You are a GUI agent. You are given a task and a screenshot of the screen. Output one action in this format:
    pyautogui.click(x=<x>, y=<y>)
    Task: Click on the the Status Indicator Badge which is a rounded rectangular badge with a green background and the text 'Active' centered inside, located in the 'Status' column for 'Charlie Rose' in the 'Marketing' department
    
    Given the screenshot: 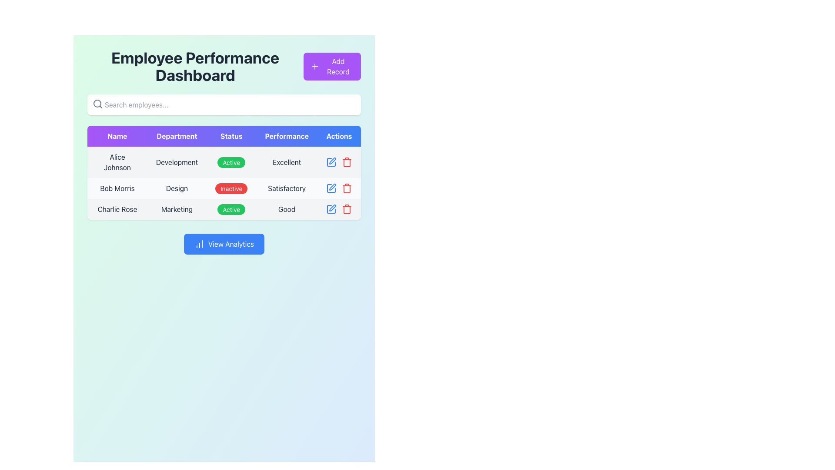 What is the action you would take?
    pyautogui.click(x=231, y=209)
    